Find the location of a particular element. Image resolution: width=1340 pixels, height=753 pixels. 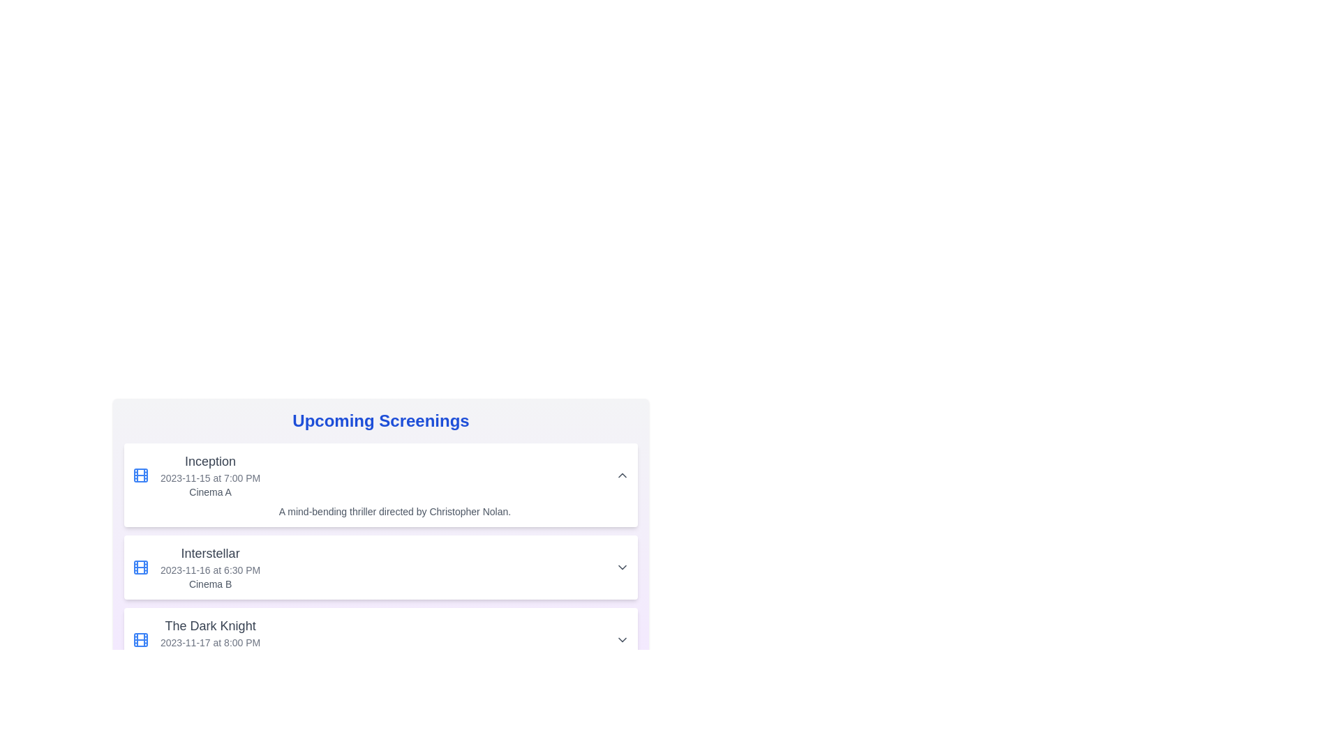

the movie screening icon located to the left of the text block containing 'Inception', '2023-11-15 at 7:00 PM', and 'Cinema A' is located at coordinates (140, 475).